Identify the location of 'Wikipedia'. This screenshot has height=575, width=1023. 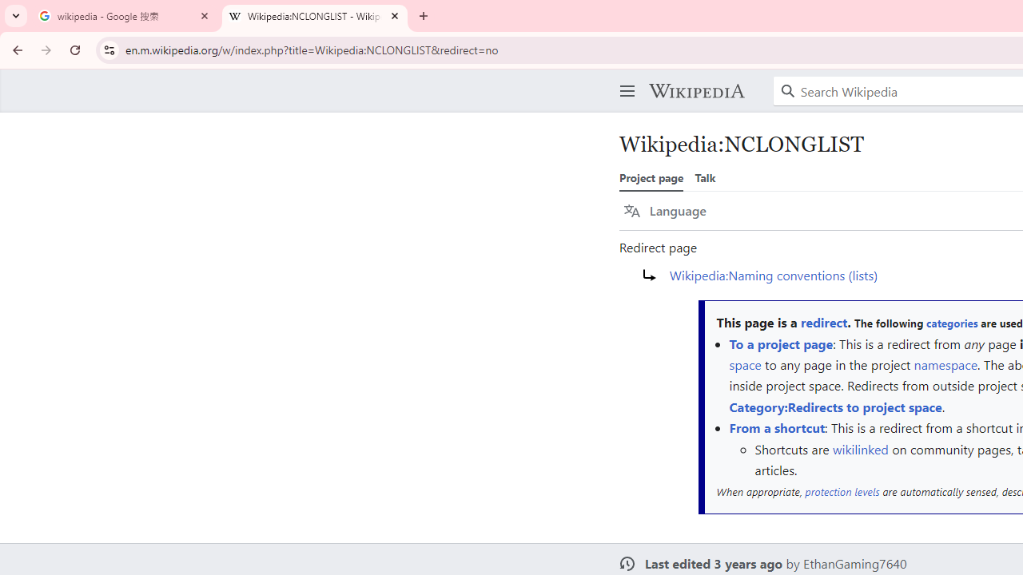
(696, 91).